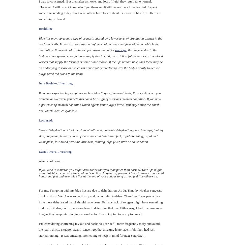  What do you see at coordinates (46, 28) in the screenshot?
I see `'Healthline:'` at bounding box center [46, 28].